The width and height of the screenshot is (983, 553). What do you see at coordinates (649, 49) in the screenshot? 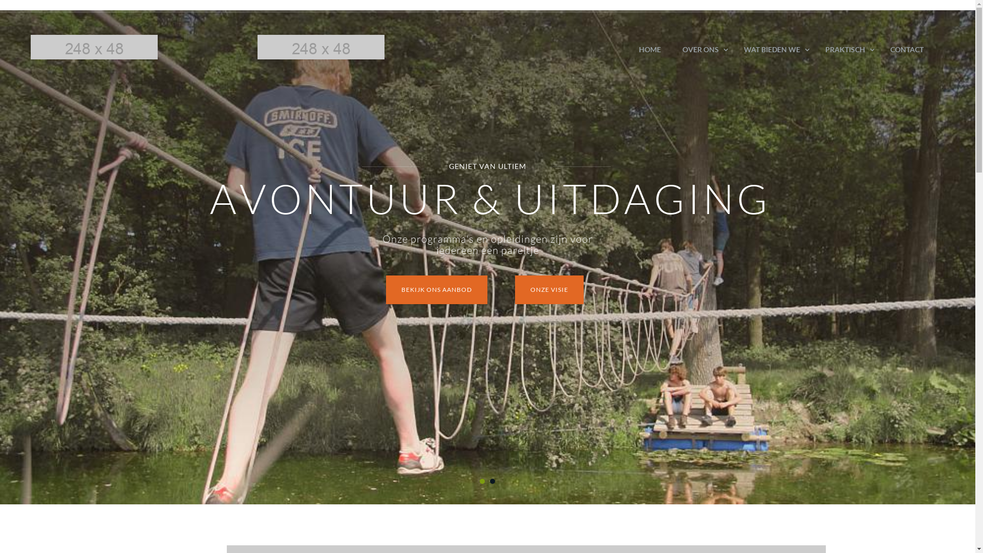
I see `'HOME'` at bounding box center [649, 49].